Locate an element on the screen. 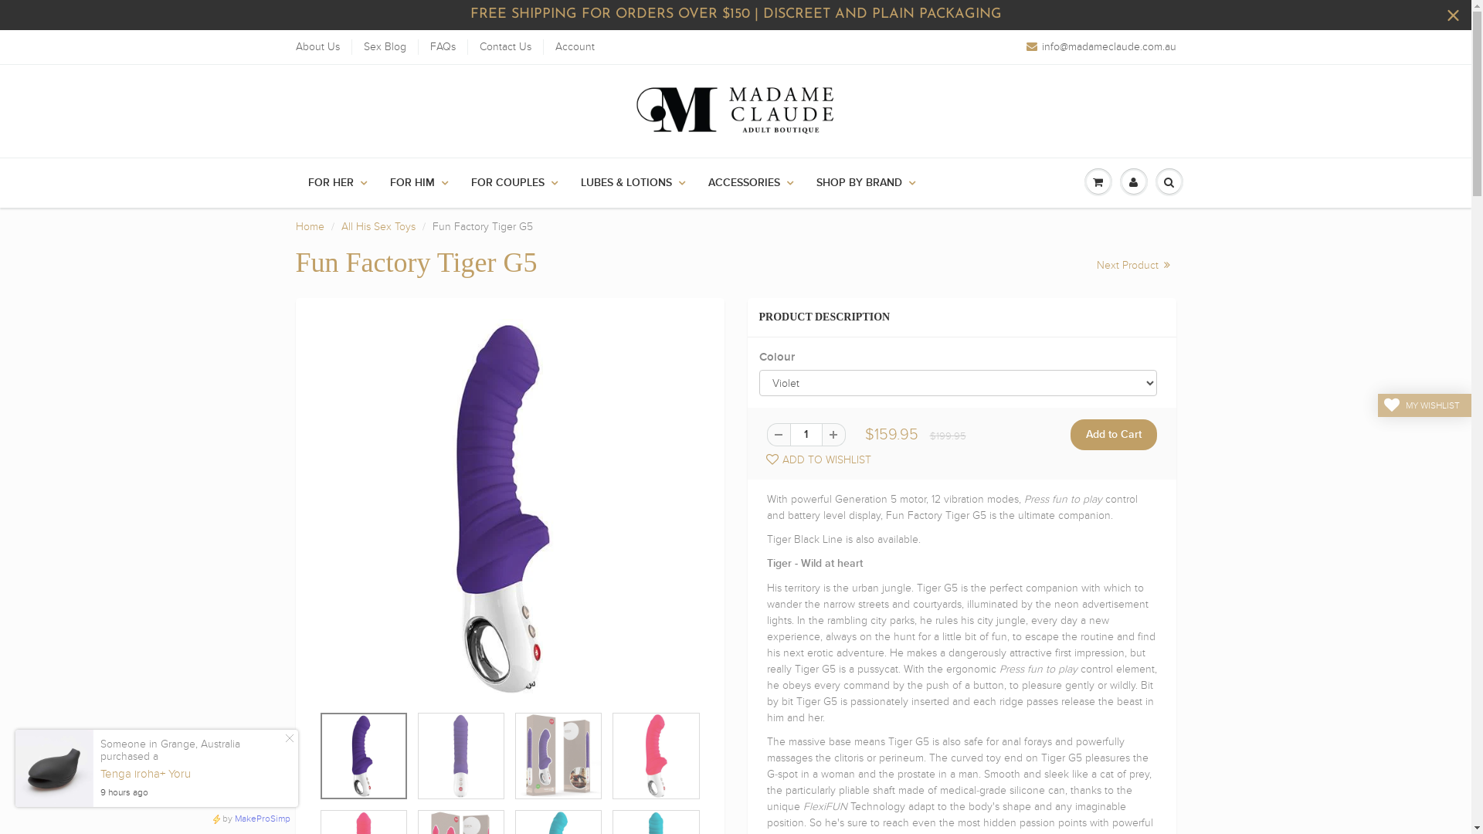 The height and width of the screenshot is (834, 1483). 'ADD TO WISHLIST' is located at coordinates (814, 459).